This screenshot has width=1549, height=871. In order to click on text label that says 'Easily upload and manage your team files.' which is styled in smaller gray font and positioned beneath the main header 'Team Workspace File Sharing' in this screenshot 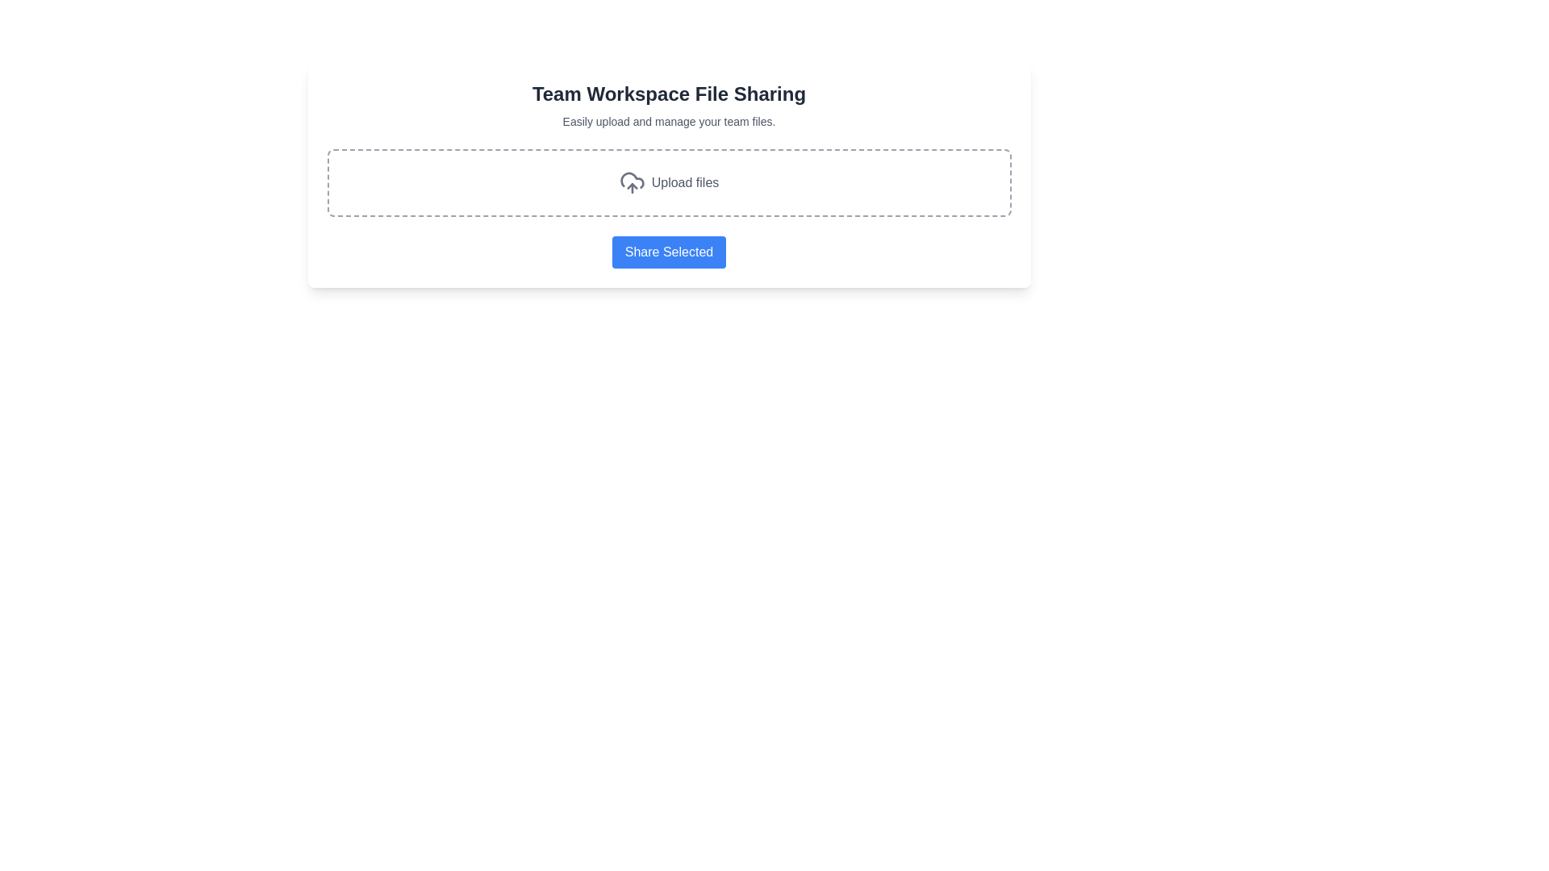, I will do `click(669, 120)`.